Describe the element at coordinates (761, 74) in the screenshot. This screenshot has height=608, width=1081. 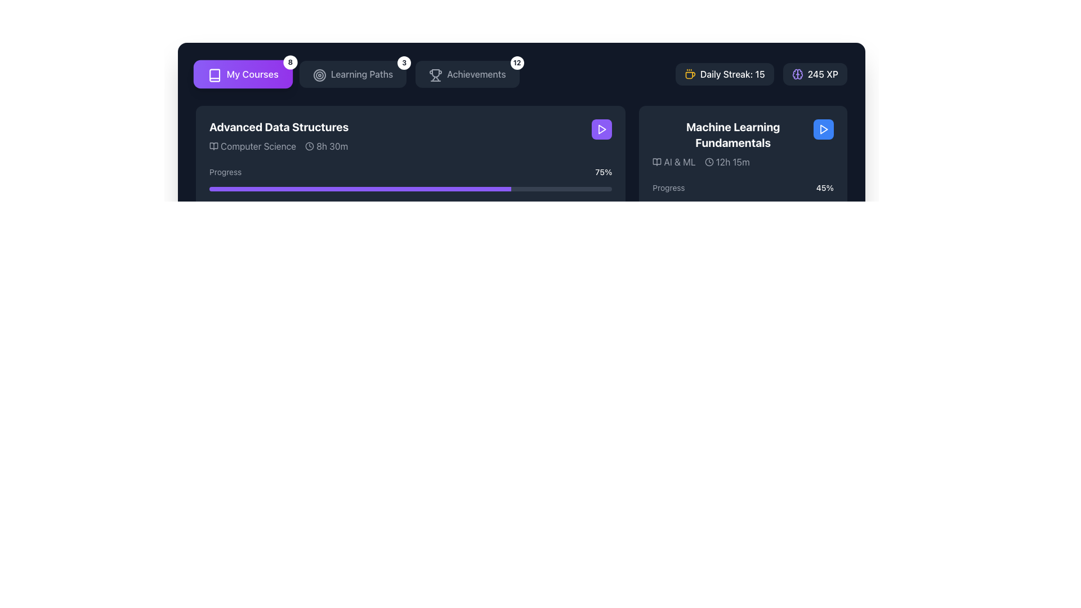
I see `information displayed in the amber icon and text showing the user's daily streak, which reads 'Daily Streak: 15', located in the top-right portion of the interface` at that location.